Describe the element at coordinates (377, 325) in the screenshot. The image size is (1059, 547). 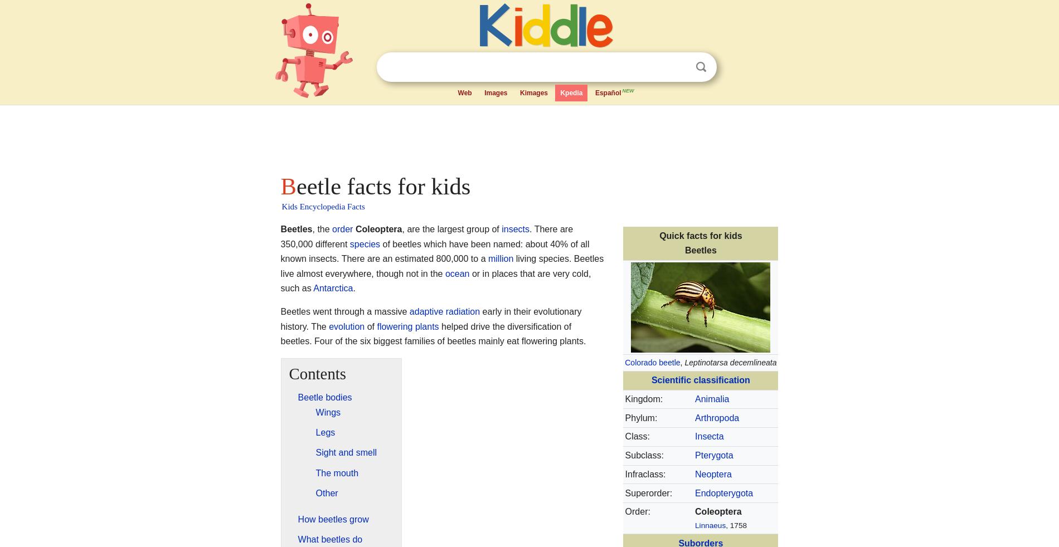
I see `'flowering plants'` at that location.